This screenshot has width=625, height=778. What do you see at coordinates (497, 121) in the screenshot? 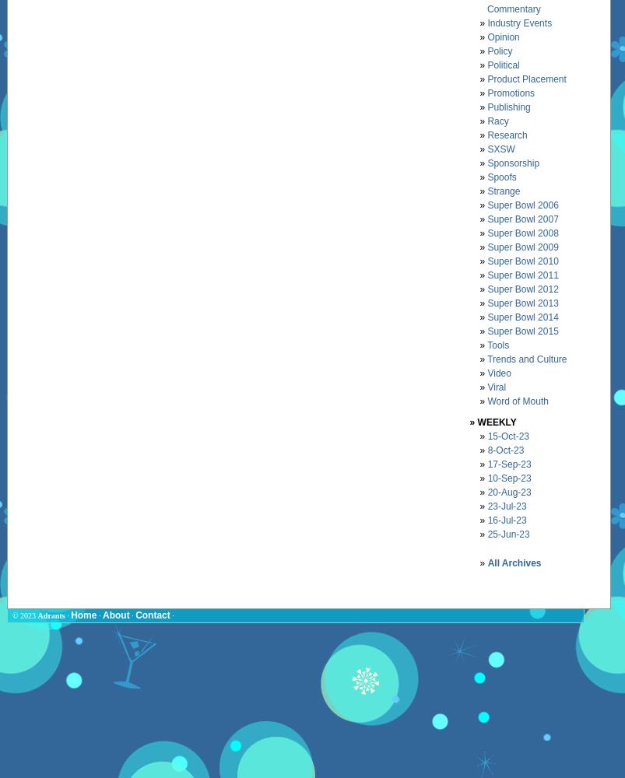
I see `'Racy'` at bounding box center [497, 121].